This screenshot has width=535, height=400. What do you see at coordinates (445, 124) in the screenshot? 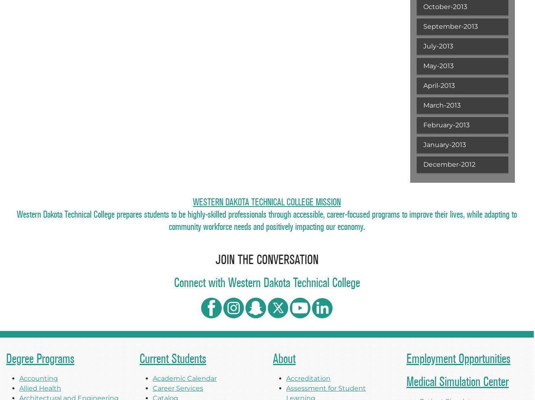
I see `'February-2013'` at bounding box center [445, 124].